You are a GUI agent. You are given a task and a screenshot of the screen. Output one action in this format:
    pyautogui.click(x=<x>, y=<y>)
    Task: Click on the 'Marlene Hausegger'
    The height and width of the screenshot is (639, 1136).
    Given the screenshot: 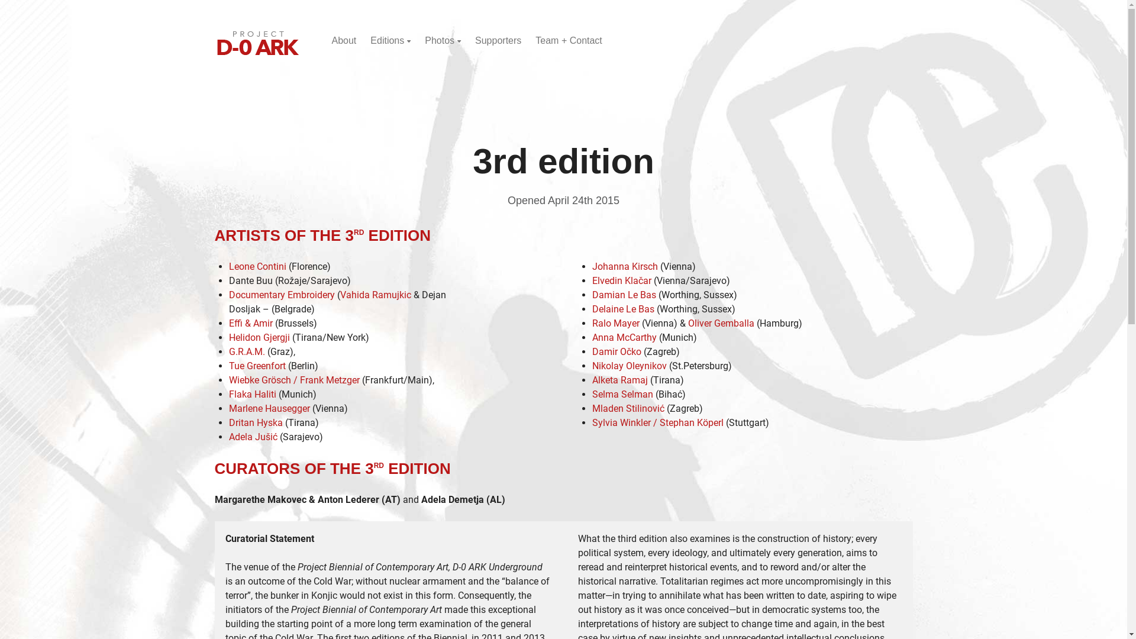 What is the action you would take?
    pyautogui.click(x=268, y=408)
    